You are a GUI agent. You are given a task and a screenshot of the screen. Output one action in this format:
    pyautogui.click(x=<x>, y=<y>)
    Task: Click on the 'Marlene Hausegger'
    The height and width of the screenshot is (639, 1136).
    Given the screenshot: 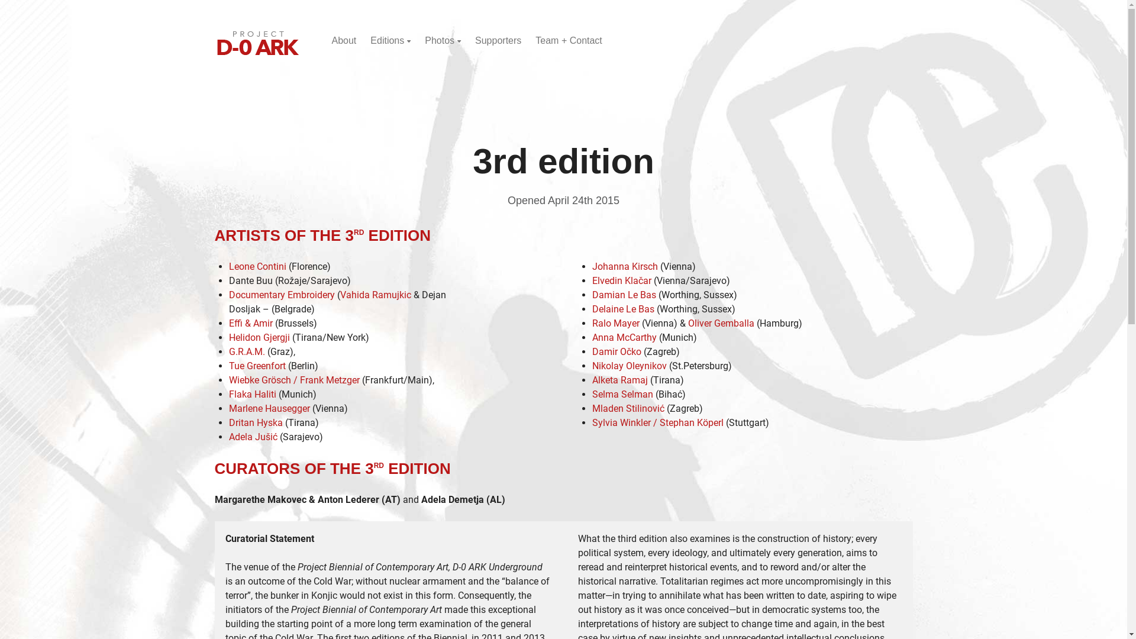 What is the action you would take?
    pyautogui.click(x=268, y=408)
    